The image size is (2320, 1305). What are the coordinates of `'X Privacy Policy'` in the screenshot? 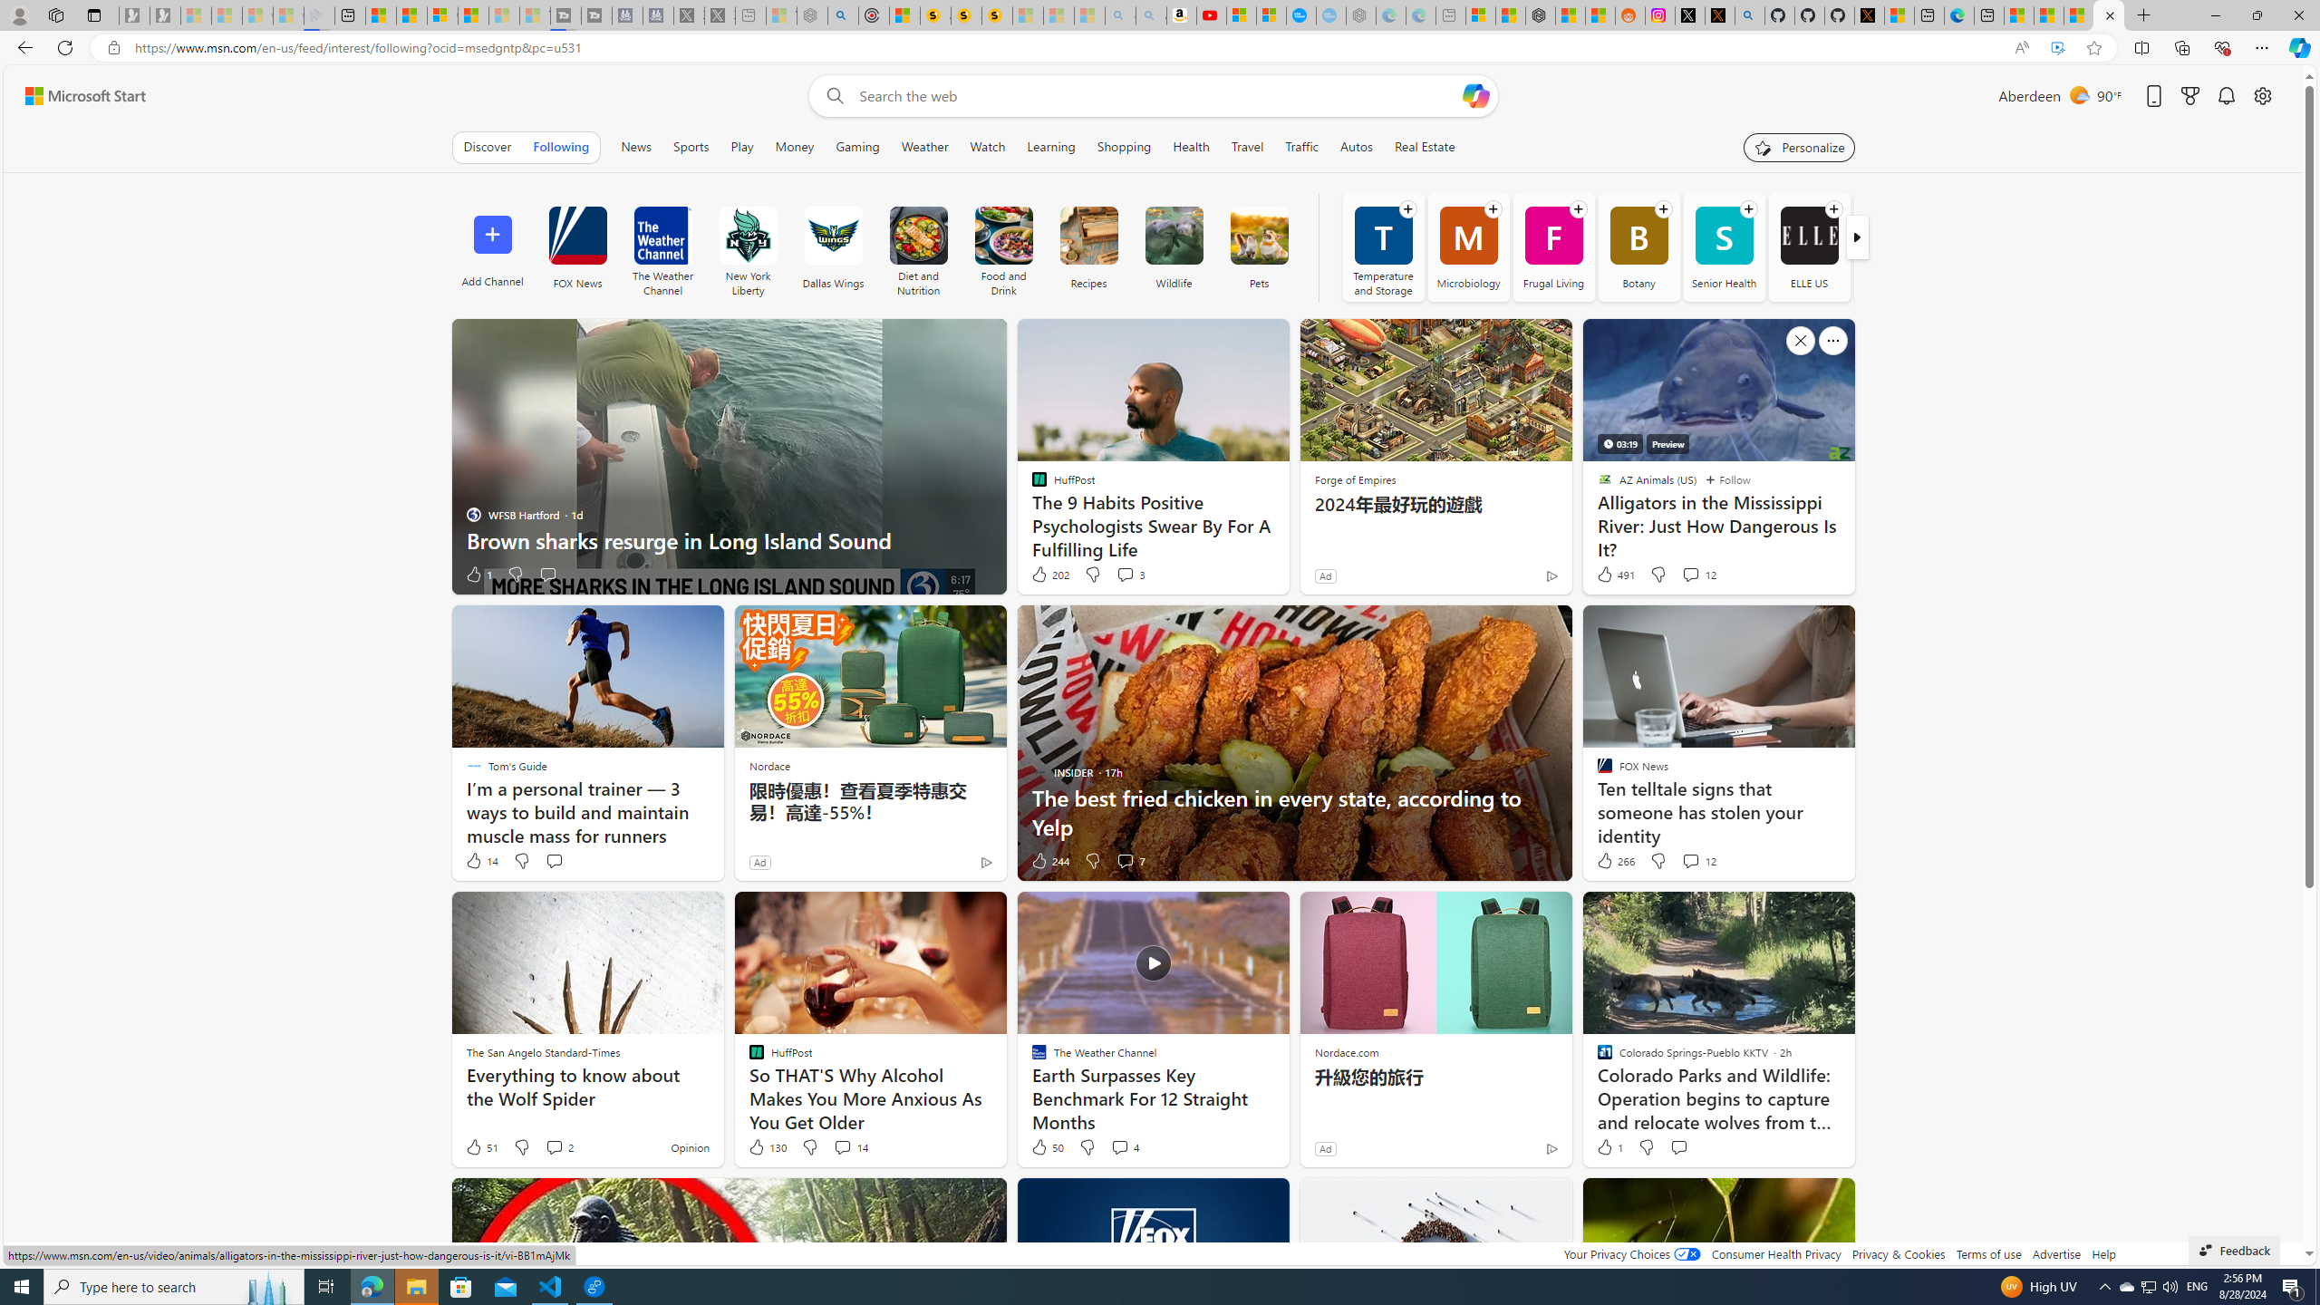 It's located at (1869, 14).